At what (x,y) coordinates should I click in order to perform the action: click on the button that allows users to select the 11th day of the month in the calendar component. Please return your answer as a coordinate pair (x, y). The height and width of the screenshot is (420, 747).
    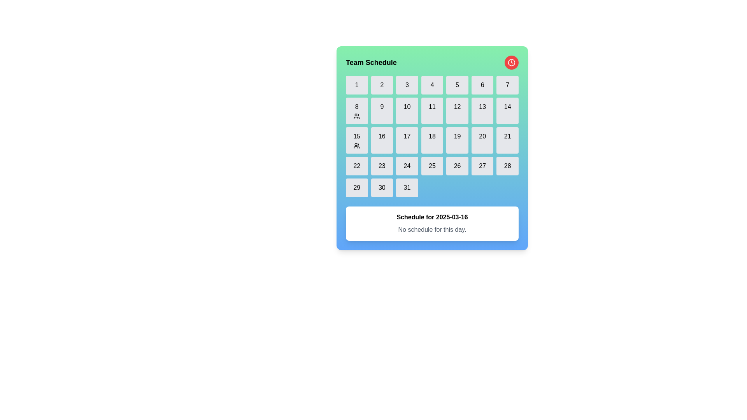
    Looking at the image, I should click on (431, 111).